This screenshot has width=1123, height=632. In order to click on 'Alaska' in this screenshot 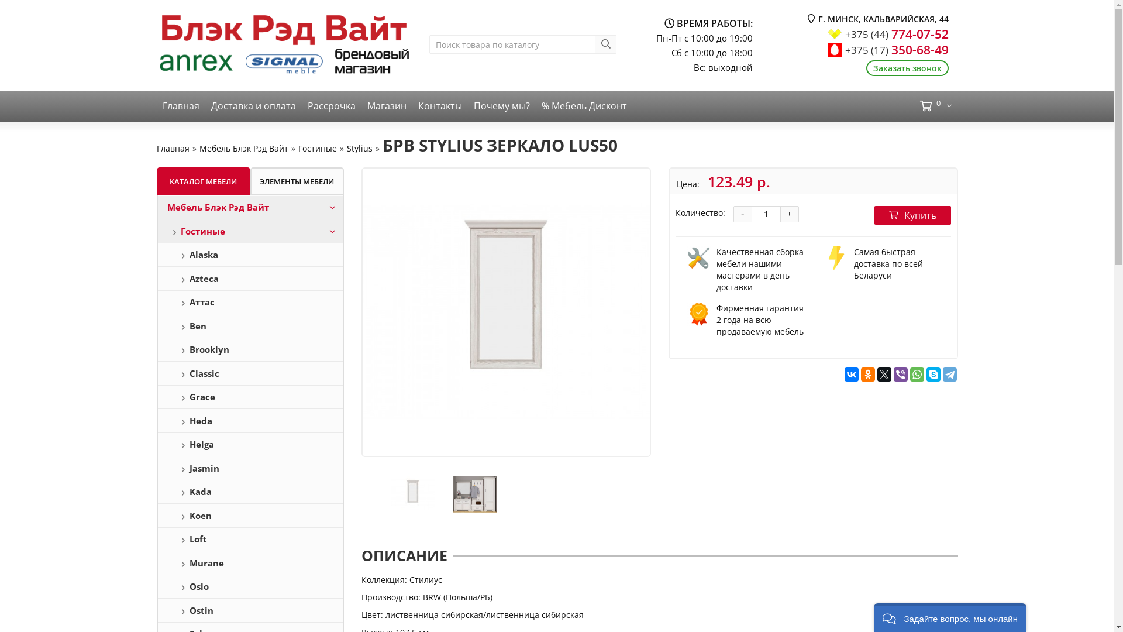, I will do `click(249, 254)`.